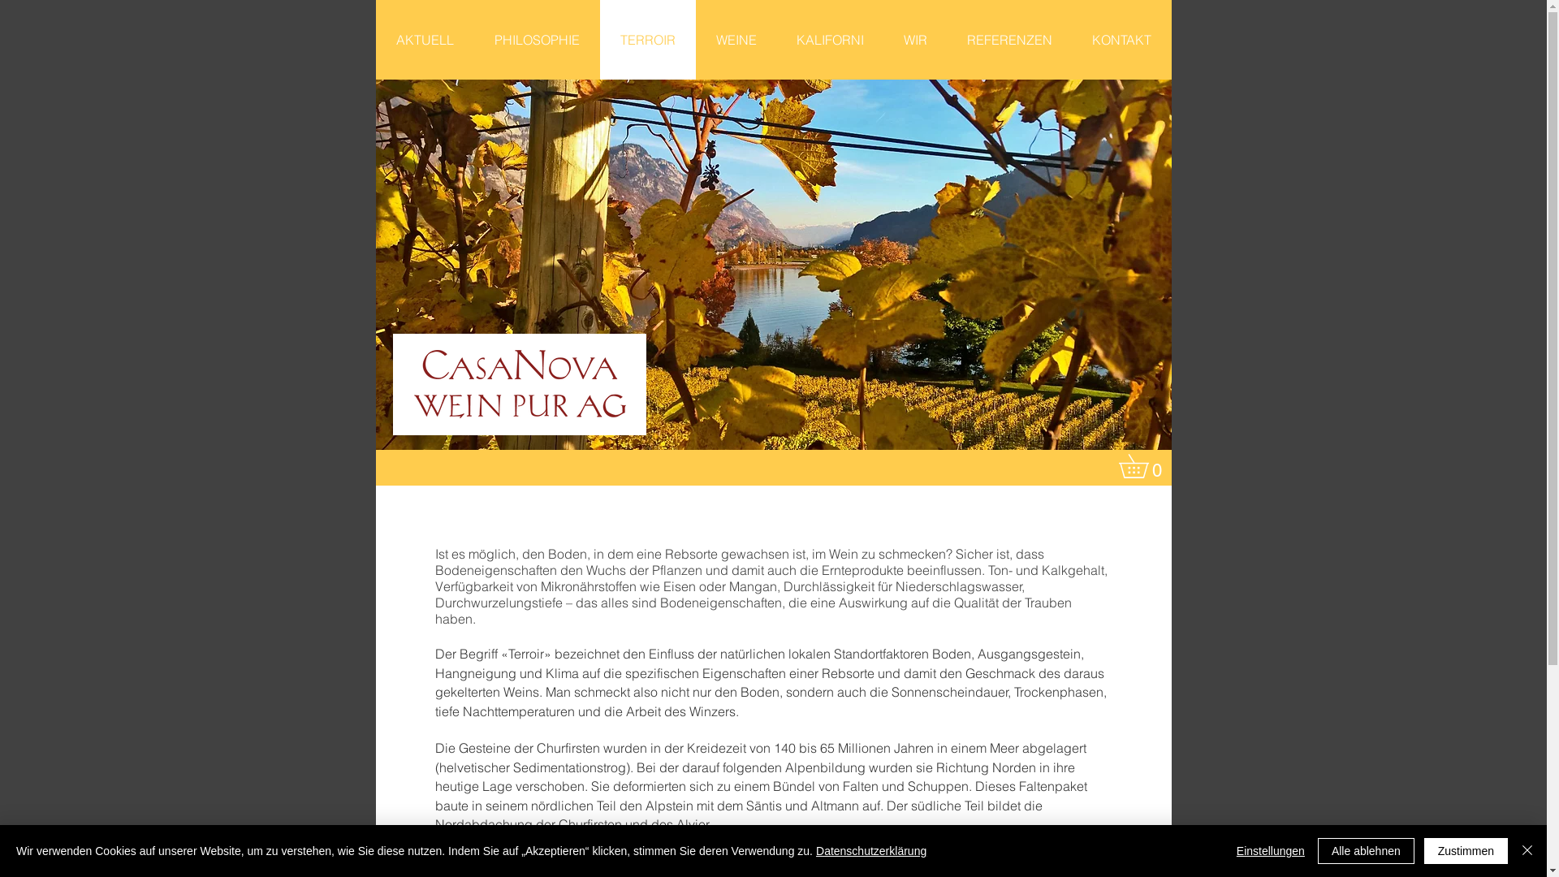 The height and width of the screenshot is (877, 1559). I want to click on 'KALIFORNI', so click(775, 39).